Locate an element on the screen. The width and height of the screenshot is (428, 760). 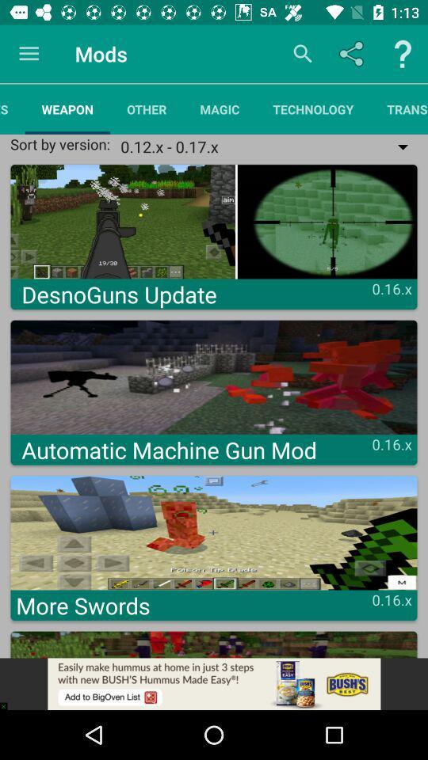
magic is located at coordinates (219, 108).